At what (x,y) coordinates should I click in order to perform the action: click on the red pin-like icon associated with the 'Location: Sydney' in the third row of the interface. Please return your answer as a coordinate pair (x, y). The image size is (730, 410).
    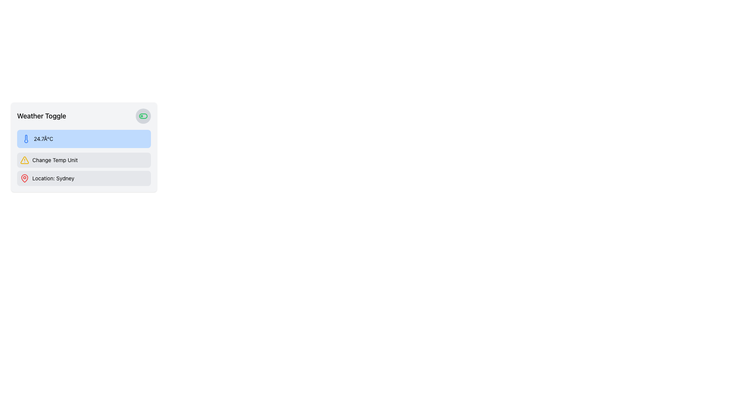
    Looking at the image, I should click on (25, 178).